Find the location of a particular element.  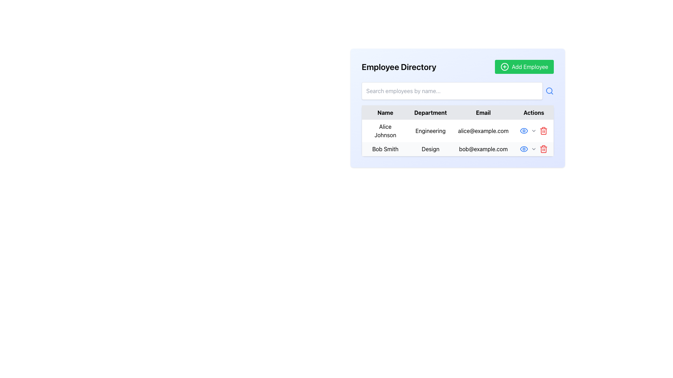

the dropdown arrow icon, which is the second icon in the 'Actions' column of the last row of the employee table is located at coordinates (533, 148).